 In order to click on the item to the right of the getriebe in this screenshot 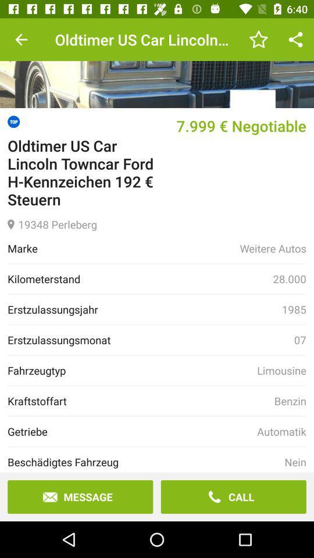, I will do `click(281, 431)`.